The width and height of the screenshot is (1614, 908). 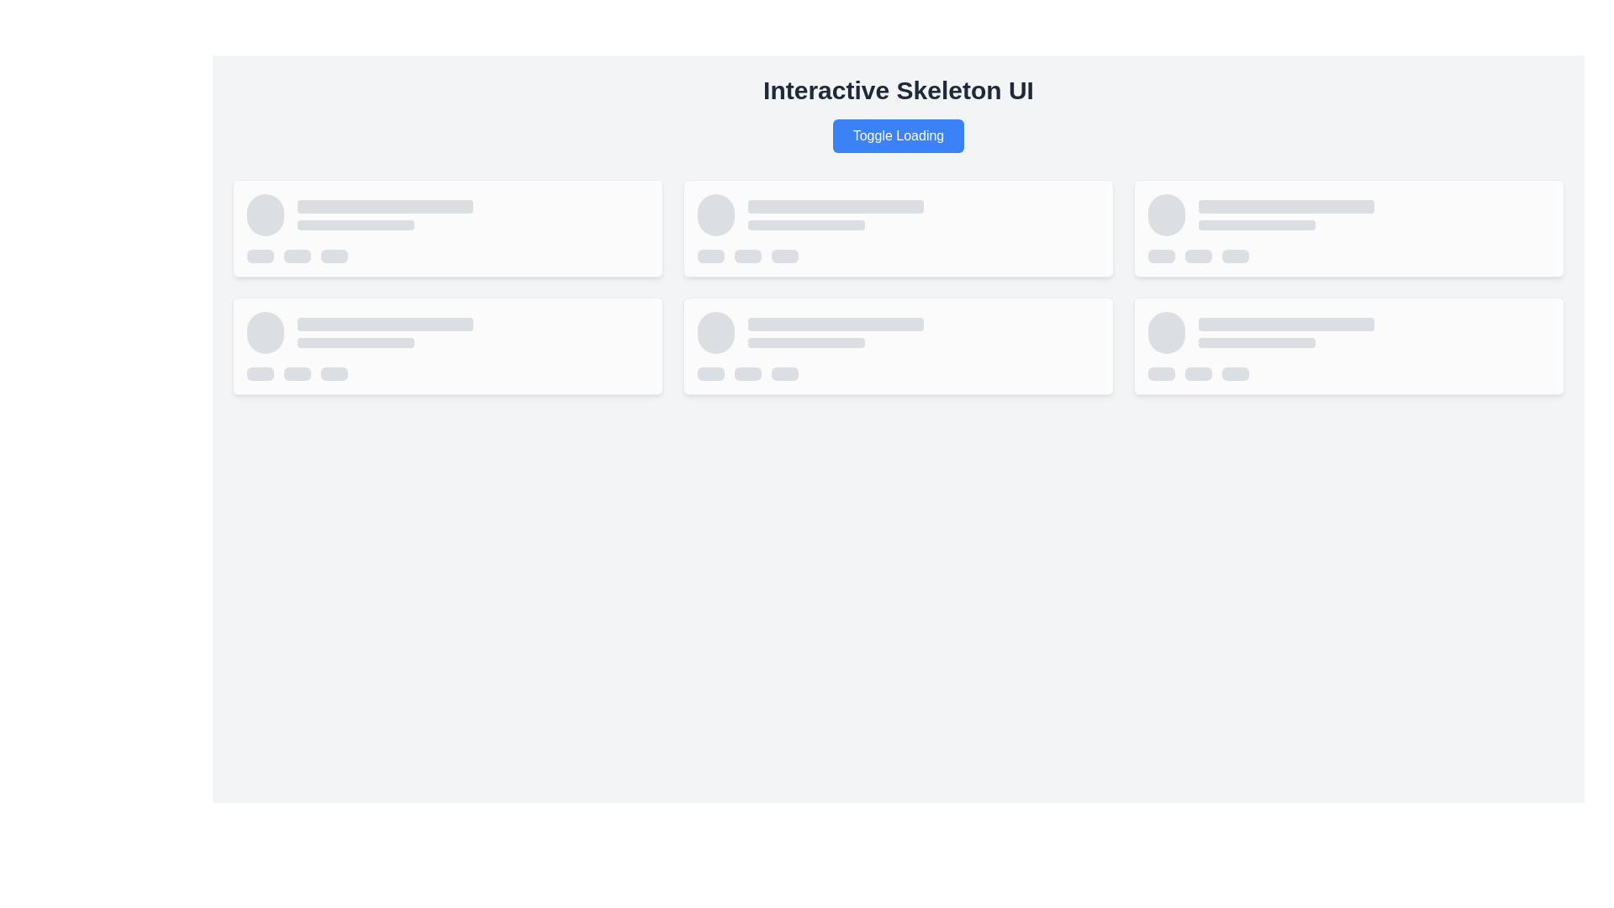 What do you see at coordinates (746, 256) in the screenshot?
I see `the small rectangular button with rounded edges that has a light gray background, located between the first and third buttons in a horizontal alignment` at bounding box center [746, 256].